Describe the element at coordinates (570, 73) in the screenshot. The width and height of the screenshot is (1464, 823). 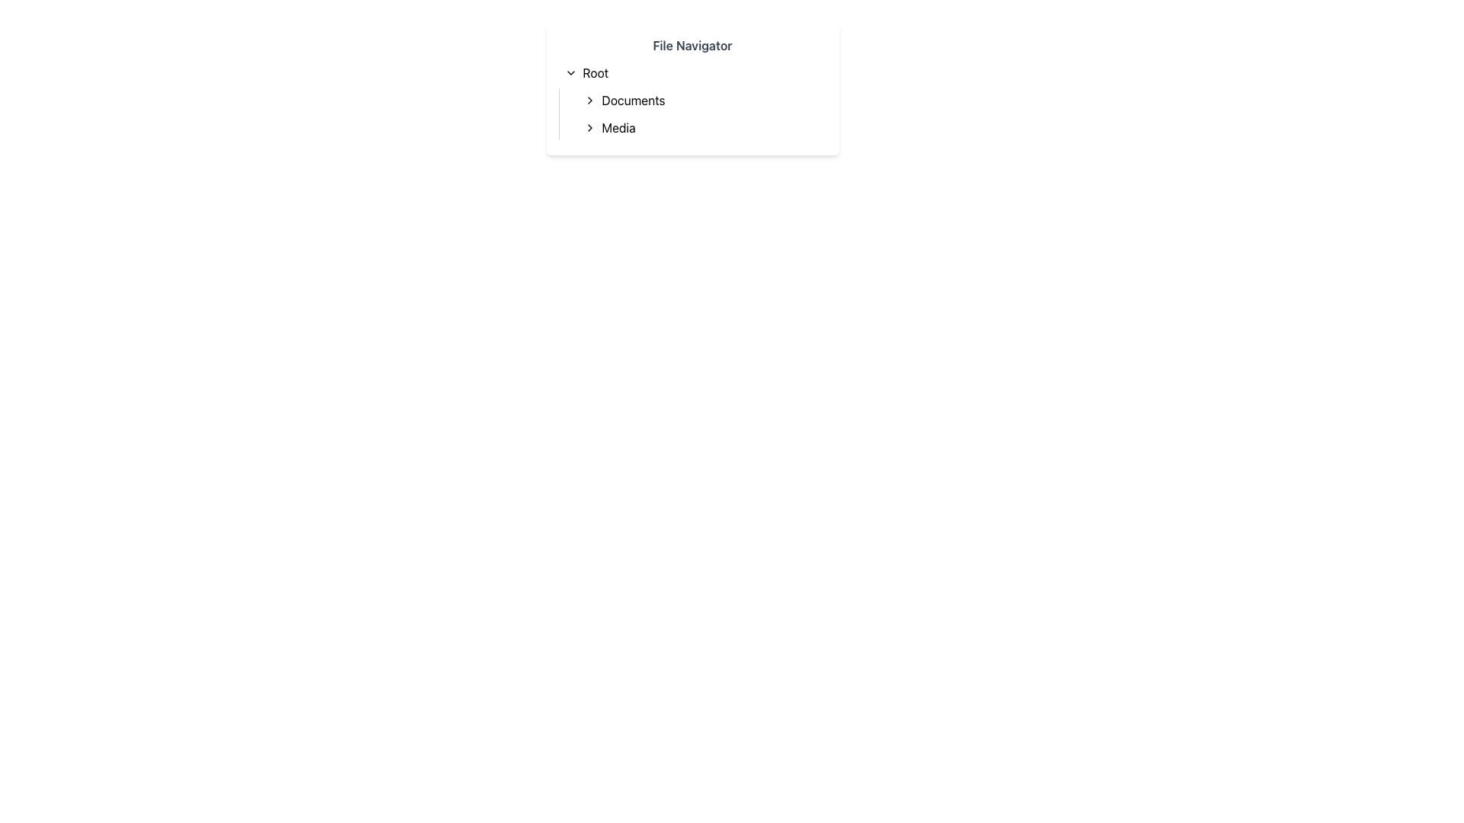
I see `the SVG Icon (Chevron Down) that is positioned to the left of the text 'Root', which indicates it can be clicked to expand or collapse a dropdown menu` at that location.